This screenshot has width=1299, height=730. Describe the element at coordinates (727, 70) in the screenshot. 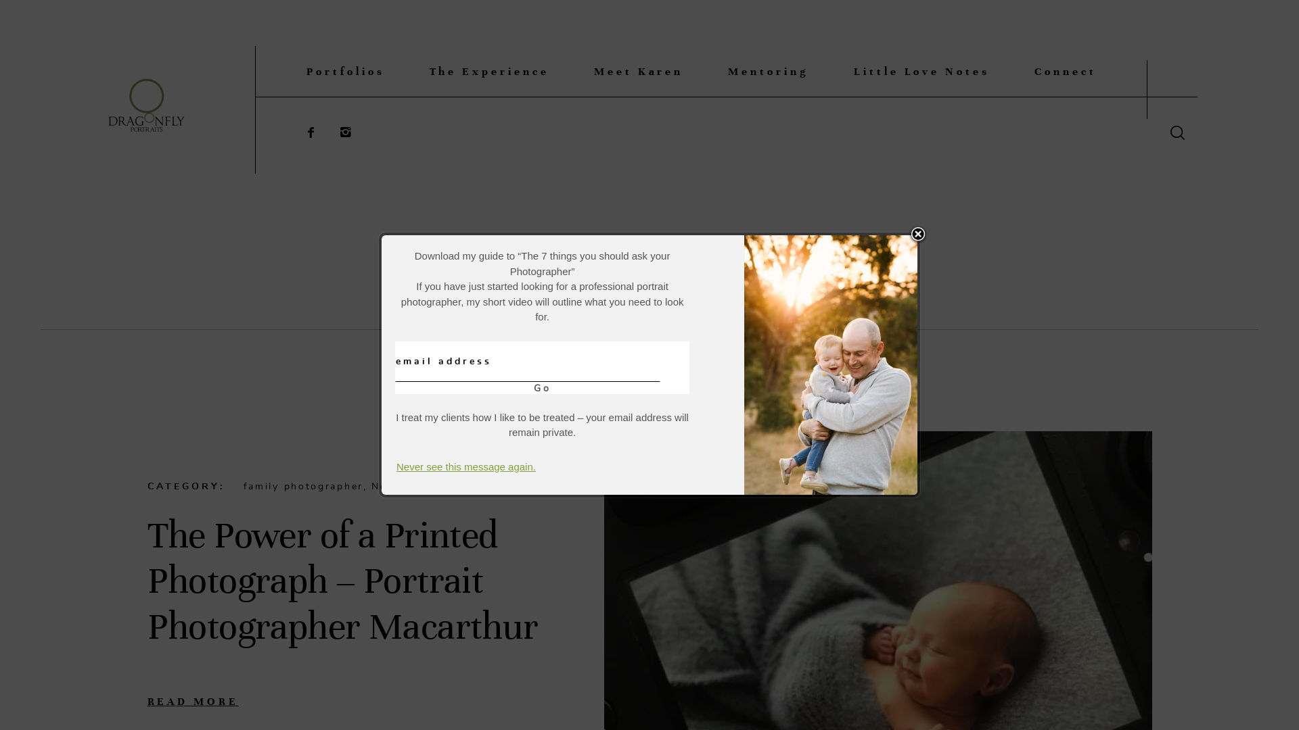

I see `'Mentoring'` at that location.